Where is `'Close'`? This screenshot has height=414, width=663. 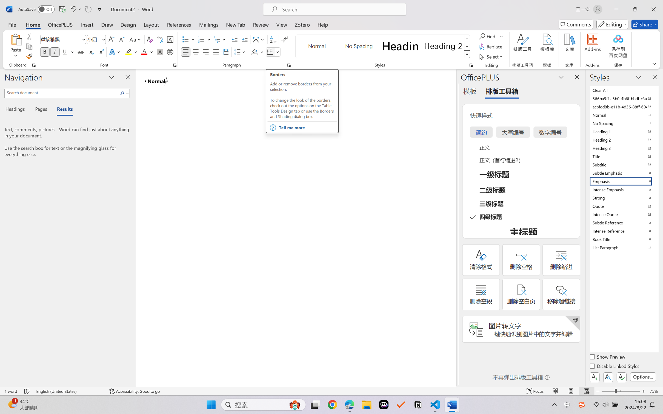 'Close' is located at coordinates (653, 9).